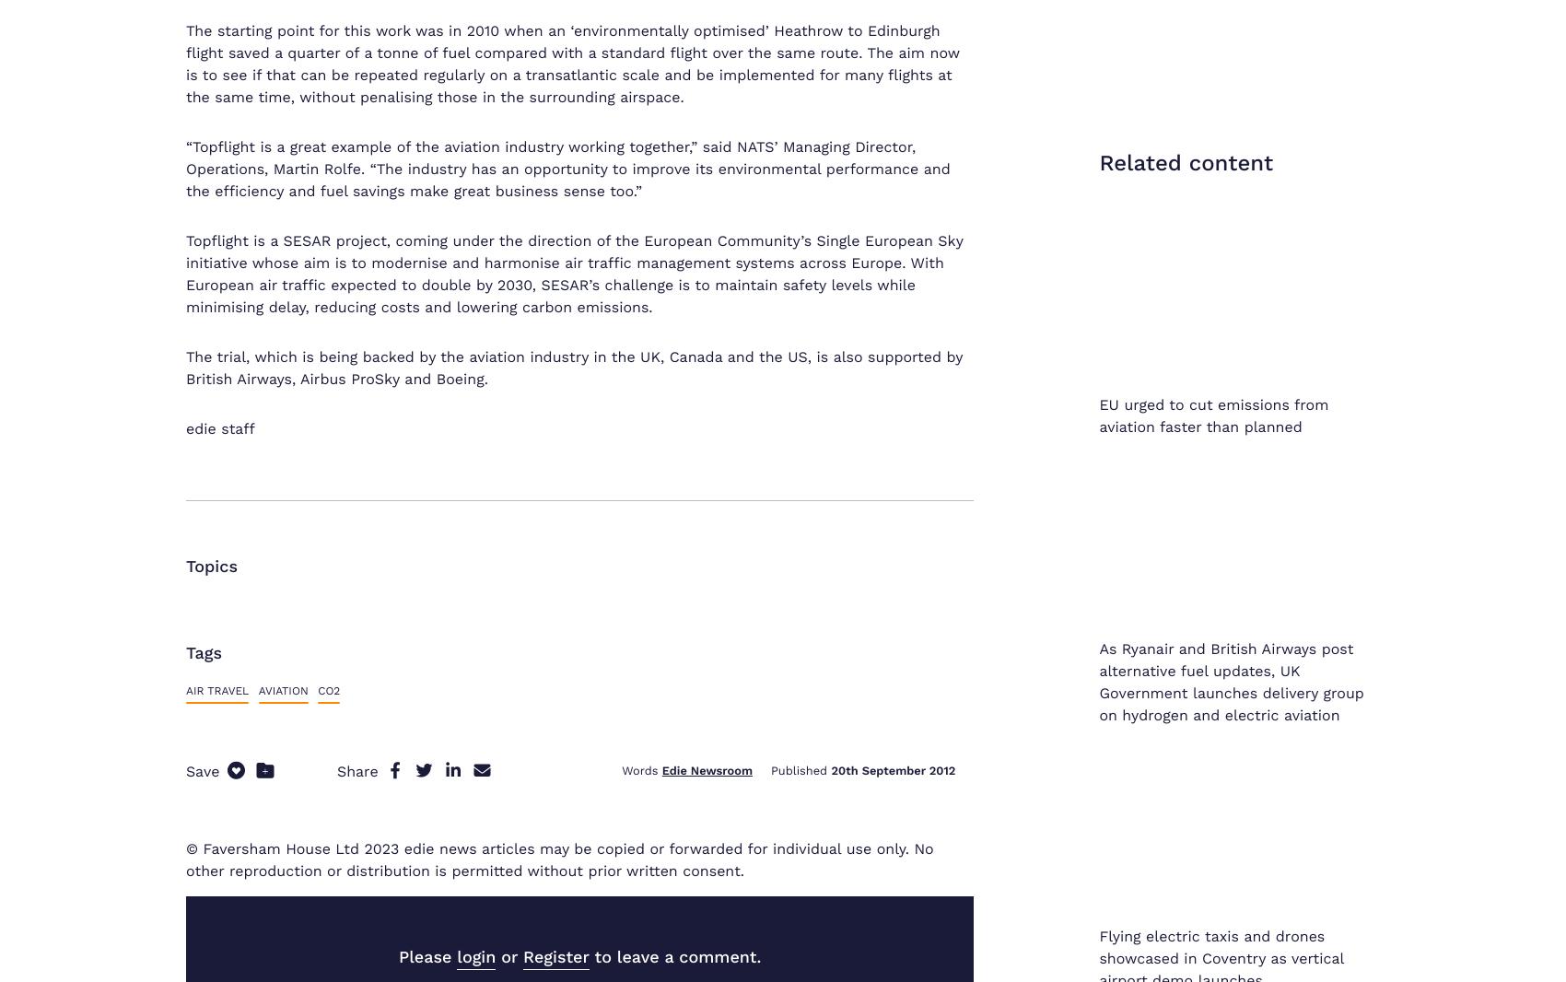  Describe the element at coordinates (1274, 670) in the screenshot. I see `'Environmental Policy'` at that location.